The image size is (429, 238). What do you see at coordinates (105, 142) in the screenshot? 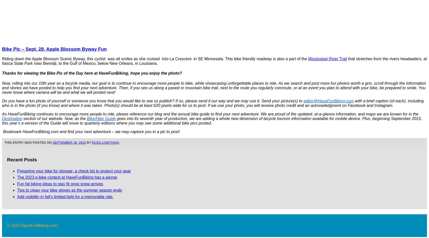
I see `'Russ Lowthian'` at bounding box center [105, 142].